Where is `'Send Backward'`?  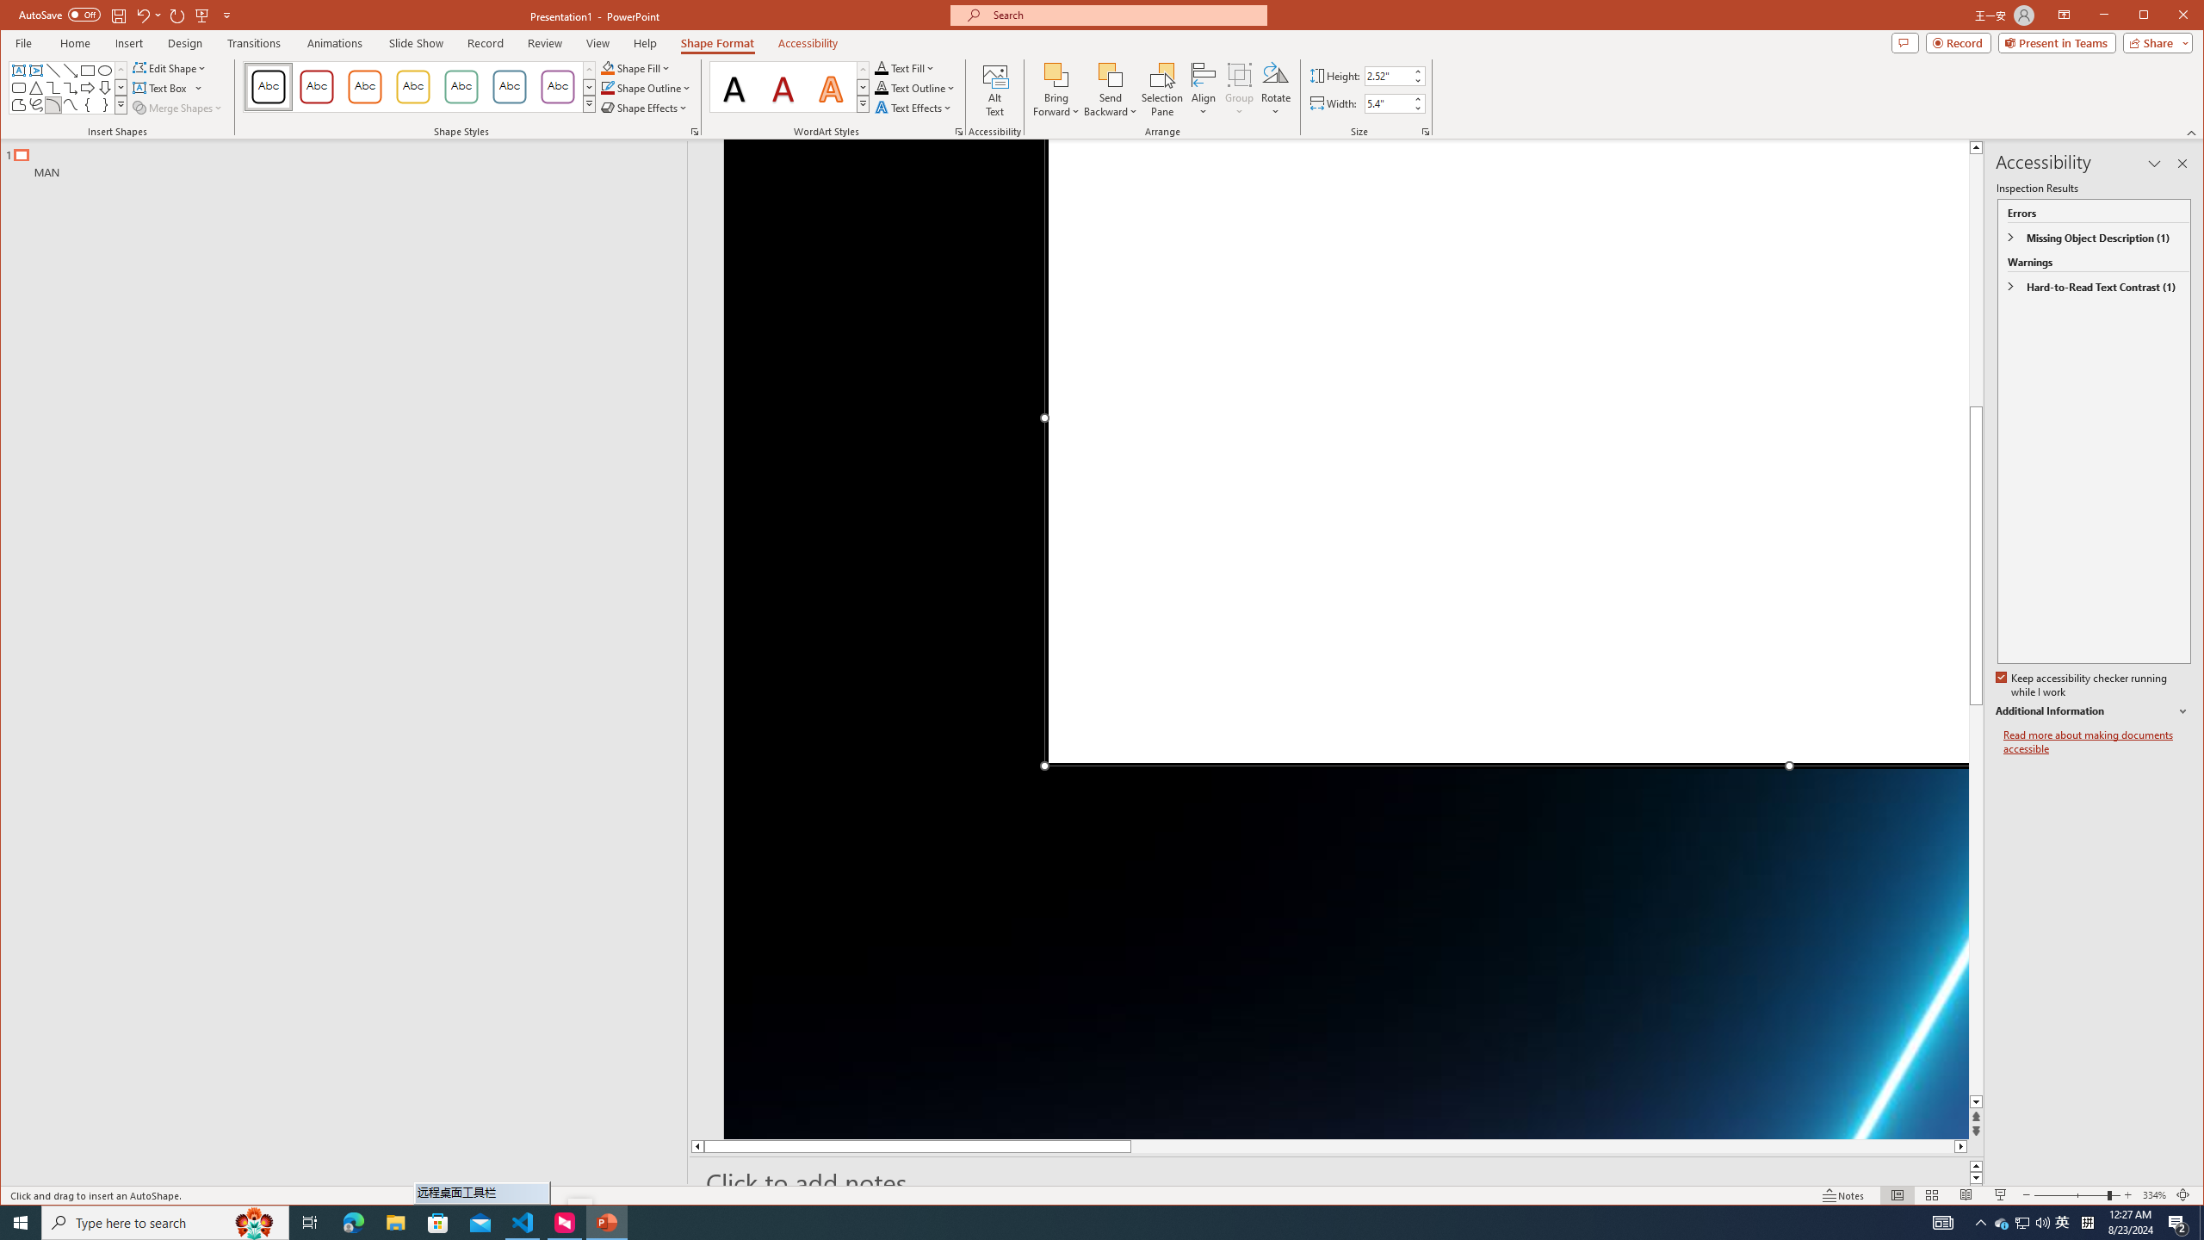
'Send Backward' is located at coordinates (1110, 73).